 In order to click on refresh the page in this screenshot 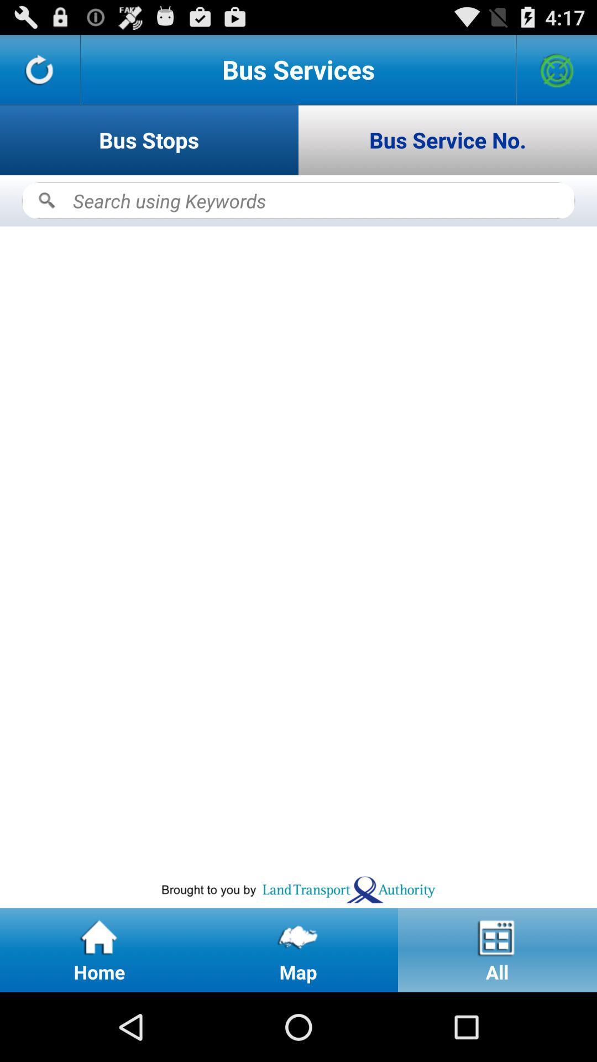, I will do `click(39, 69)`.